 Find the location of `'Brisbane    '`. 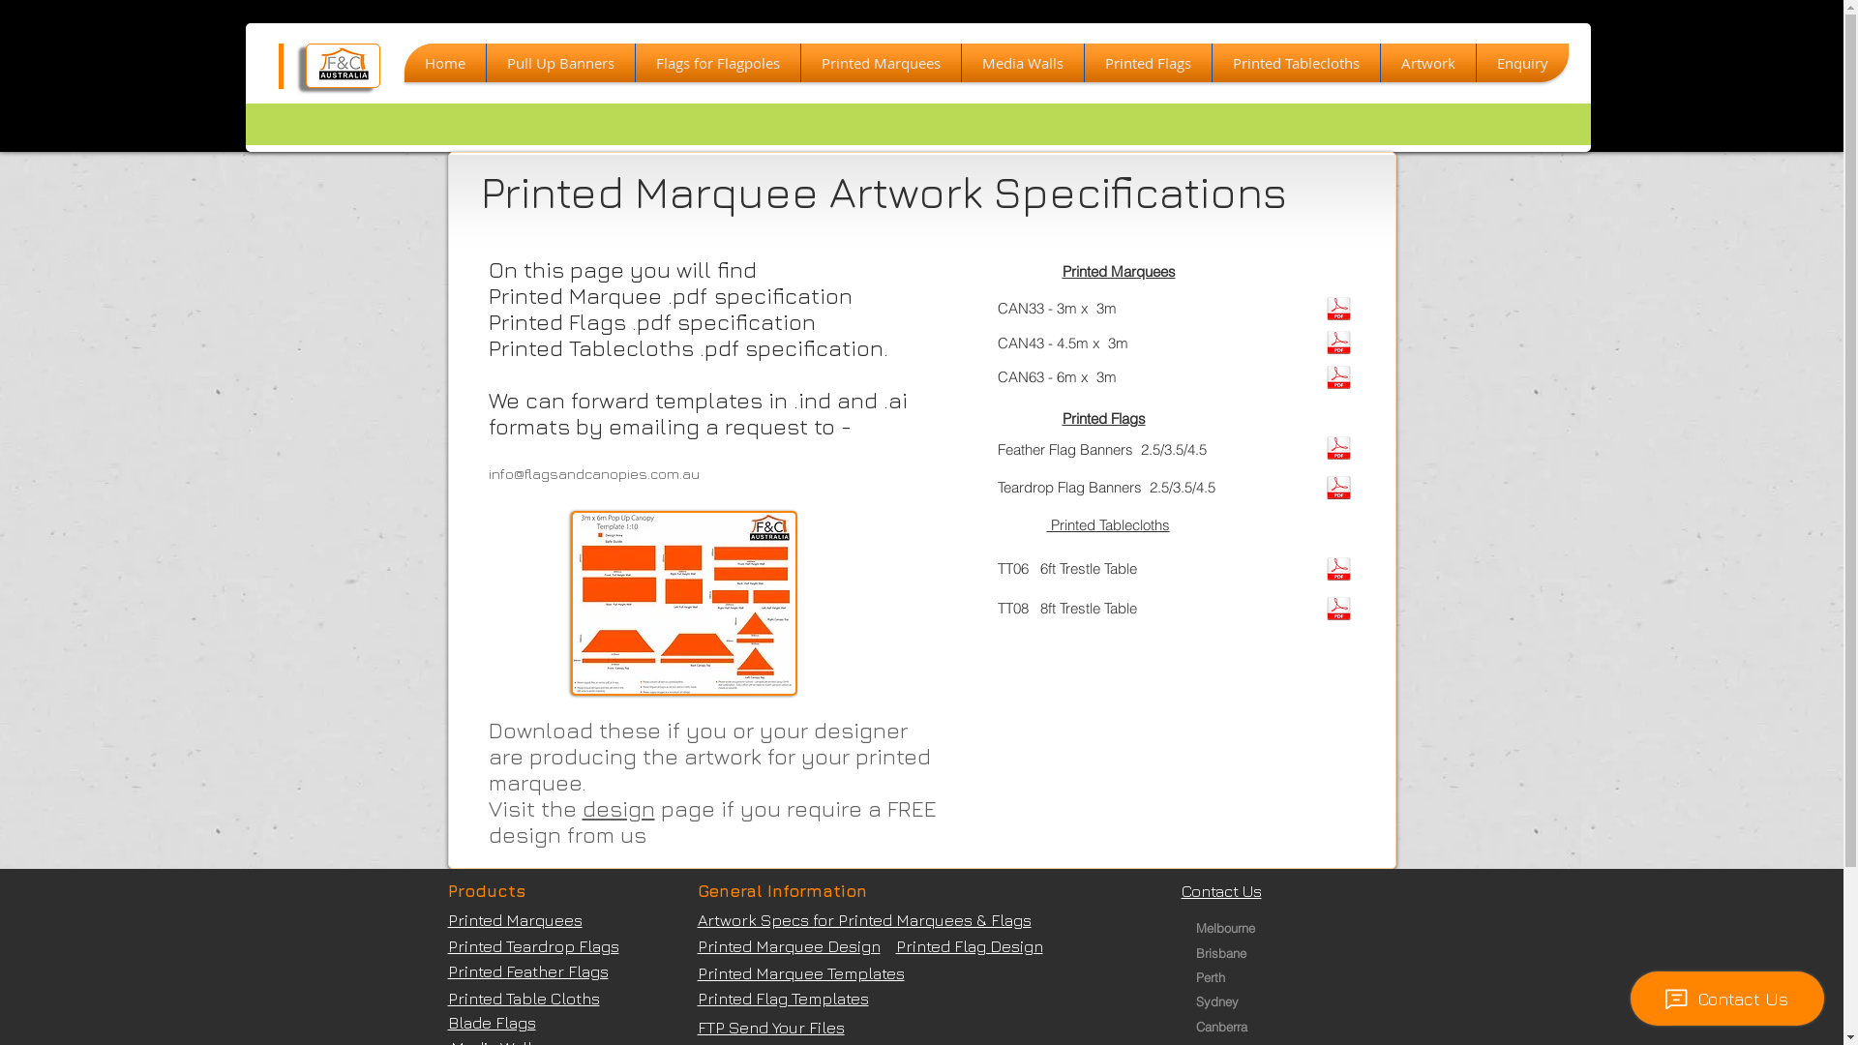

'Brisbane    ' is located at coordinates (1228, 951).